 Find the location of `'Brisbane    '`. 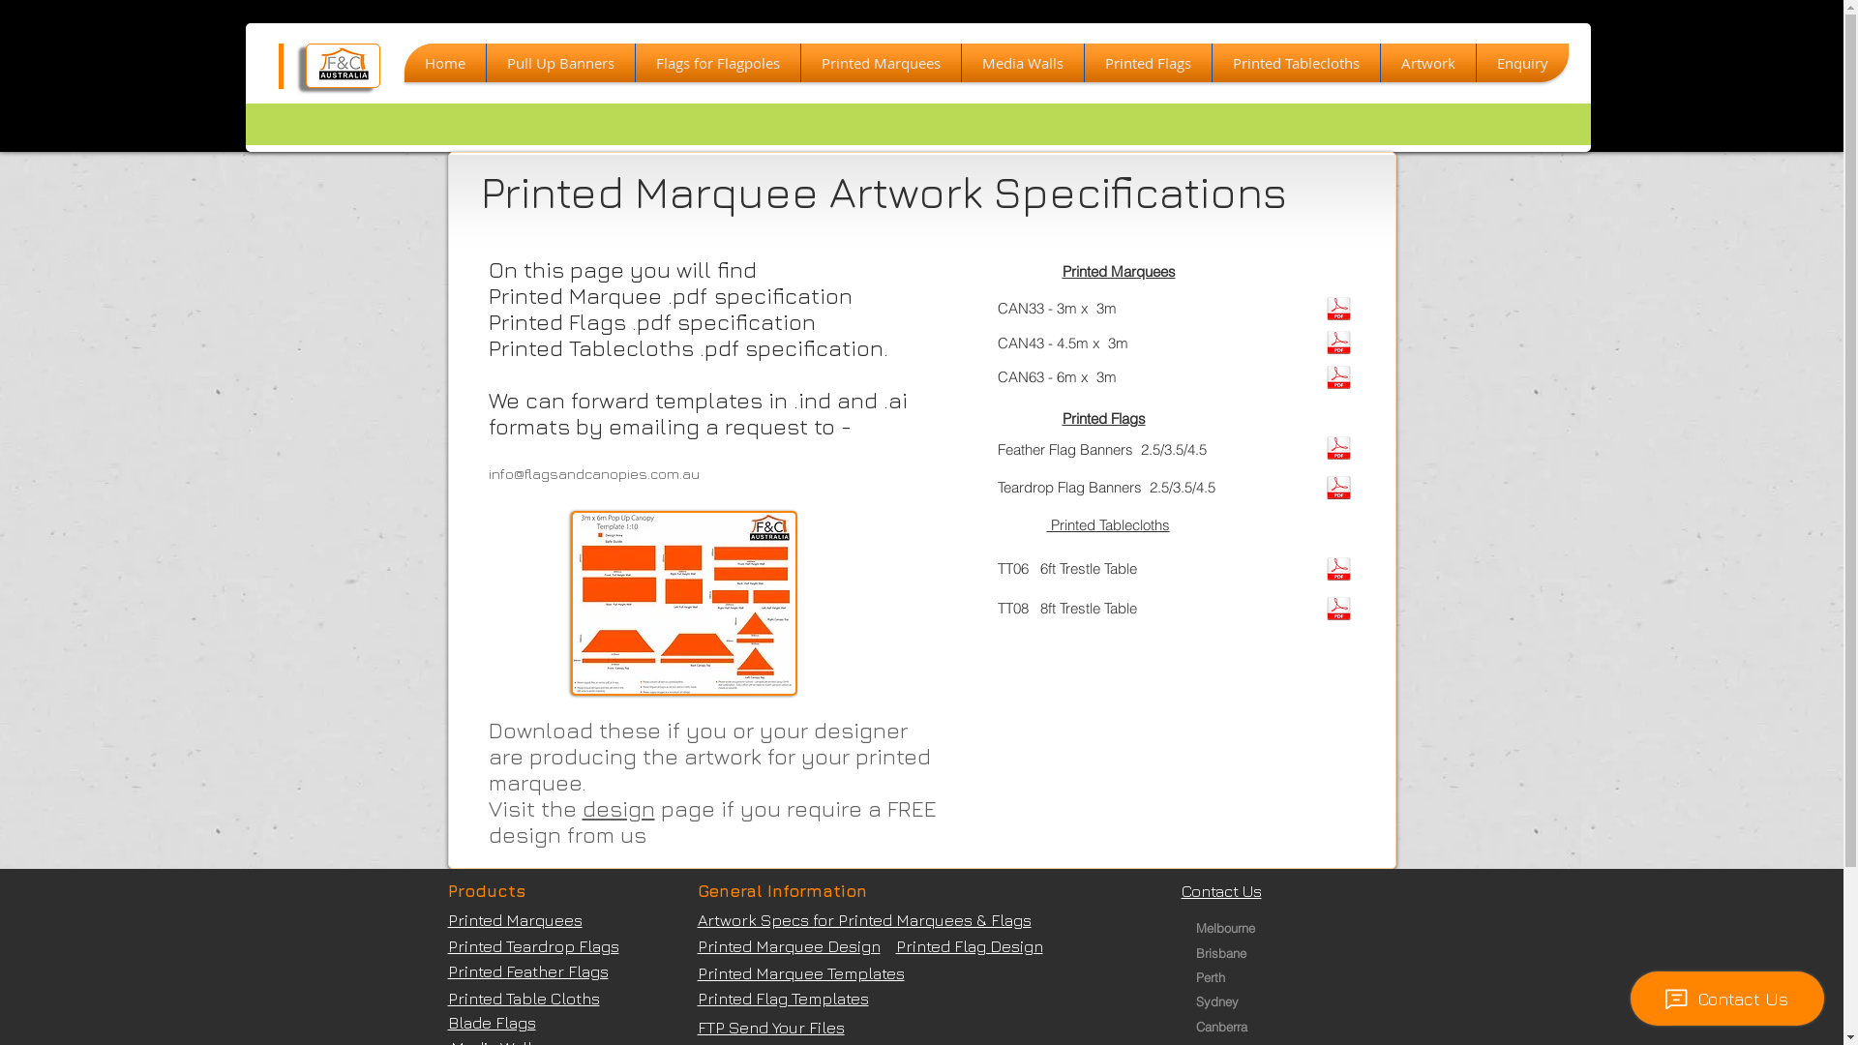

'Brisbane    ' is located at coordinates (1228, 951).